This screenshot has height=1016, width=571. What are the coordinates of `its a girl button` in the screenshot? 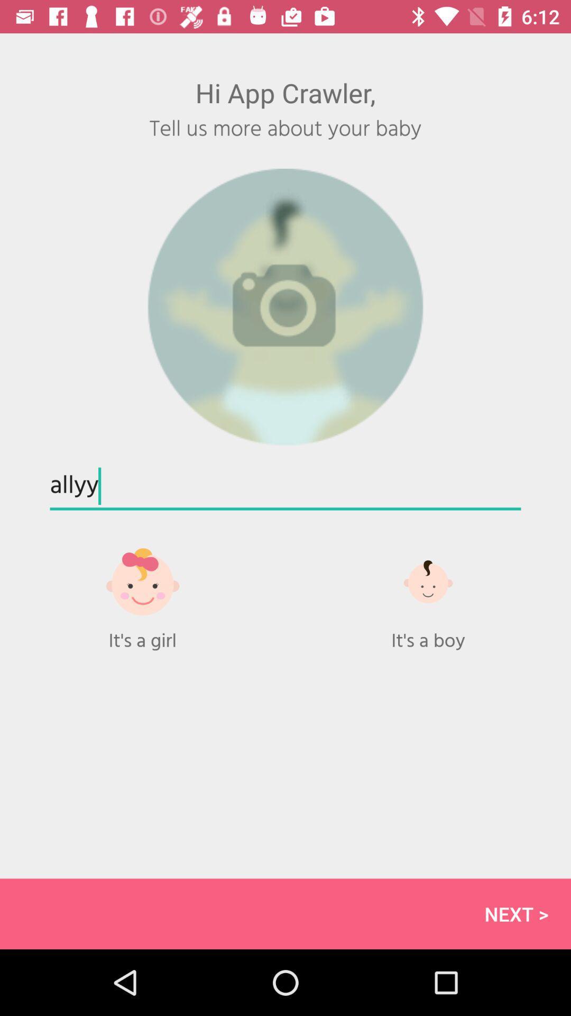 It's located at (143, 593).